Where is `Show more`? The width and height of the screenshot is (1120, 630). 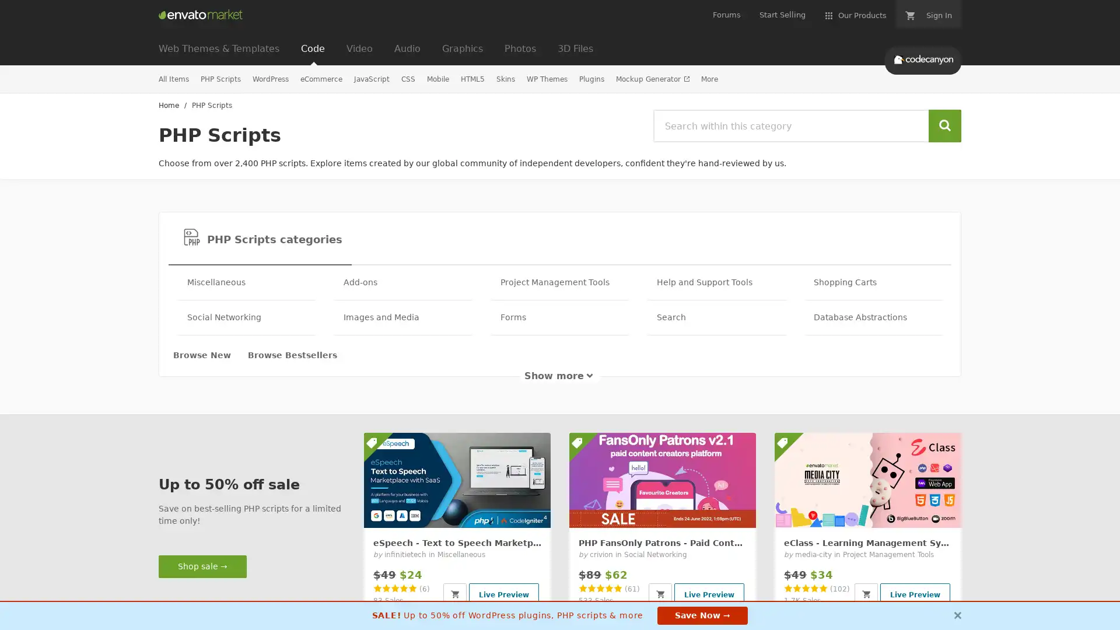 Show more is located at coordinates (560, 376).